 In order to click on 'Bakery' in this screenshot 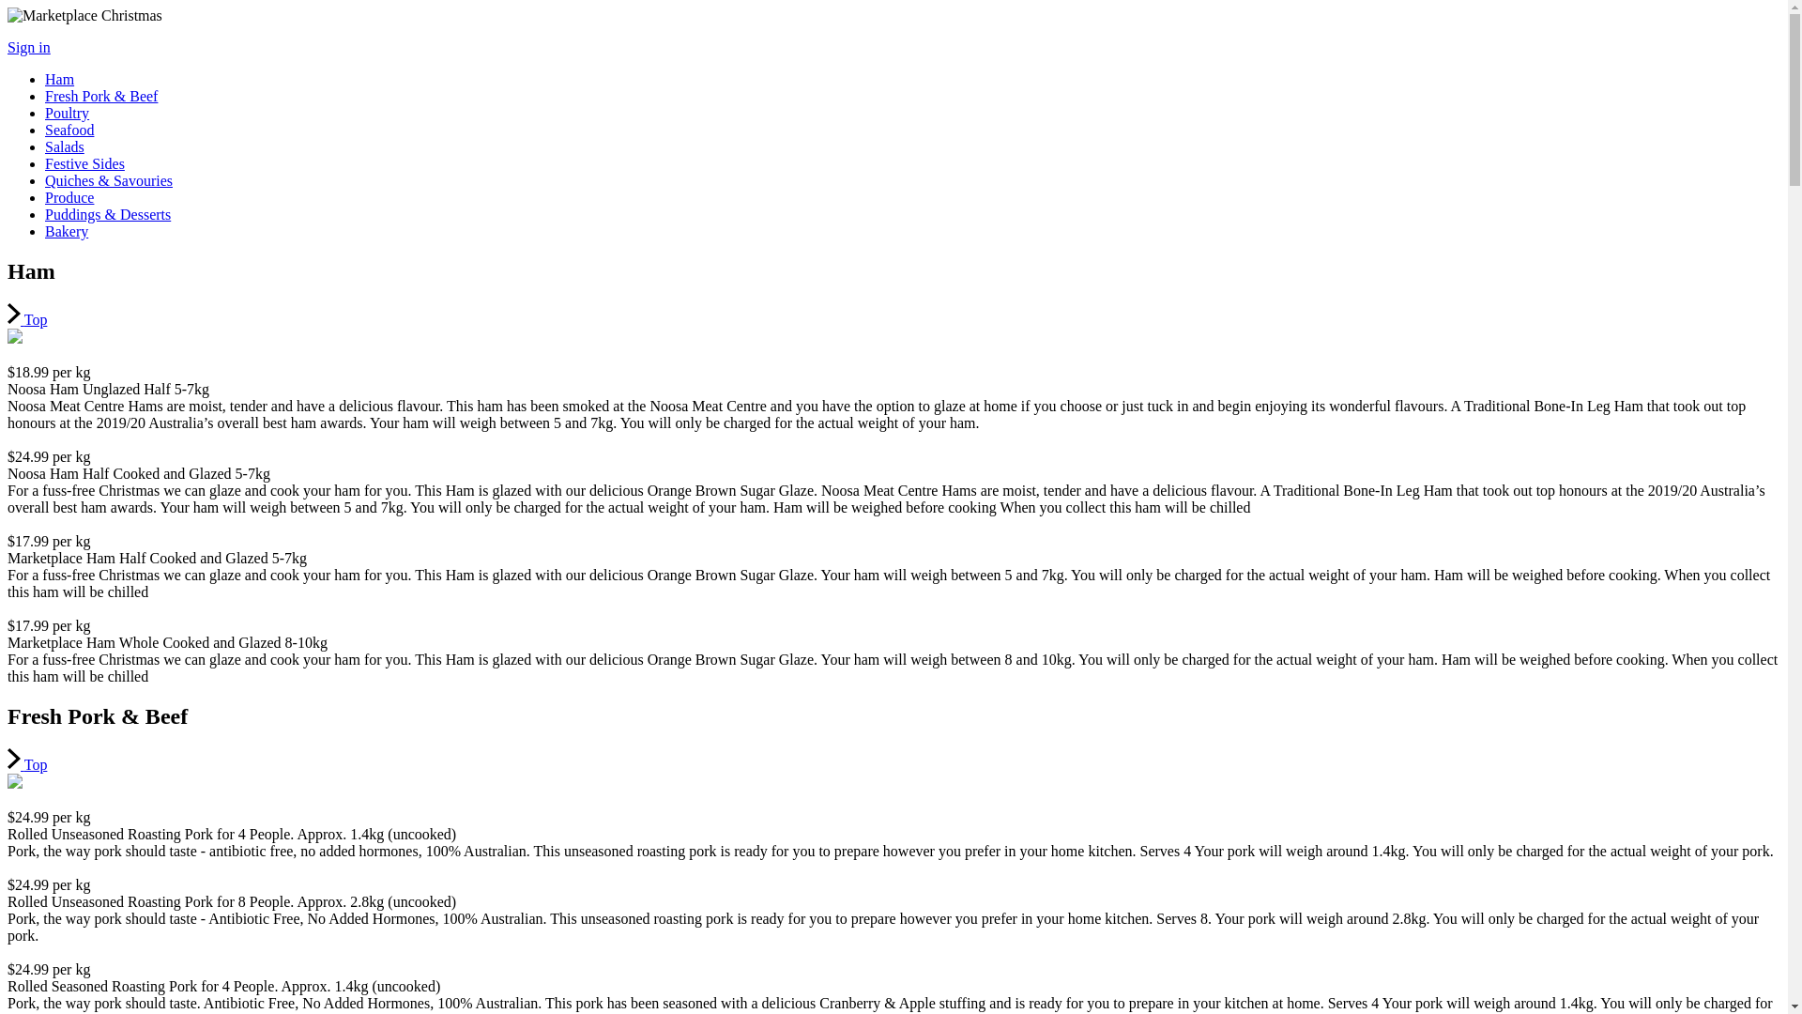, I will do `click(67, 230)`.